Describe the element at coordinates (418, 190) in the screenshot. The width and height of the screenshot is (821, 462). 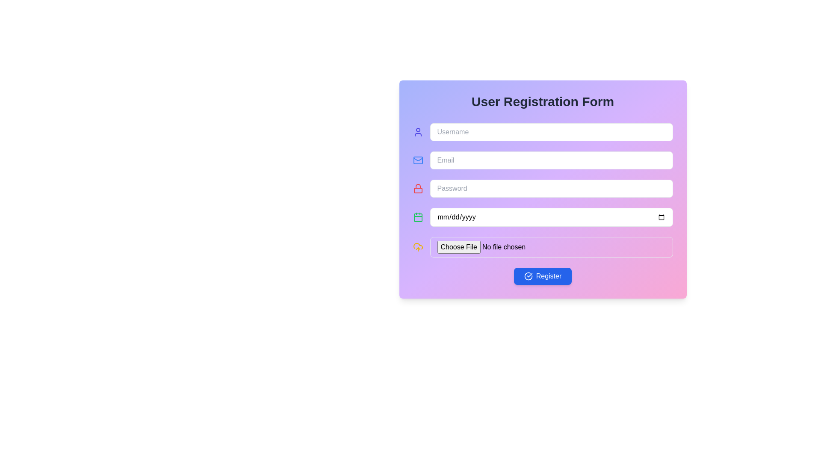
I see `properties of the lower part of the lock icon, which is a small rounded rectangle, by opening the developer tools` at that location.